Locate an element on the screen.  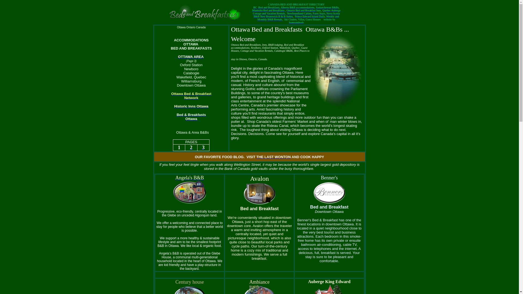
'Alberta B&B accommodations' is located at coordinates (297, 7).